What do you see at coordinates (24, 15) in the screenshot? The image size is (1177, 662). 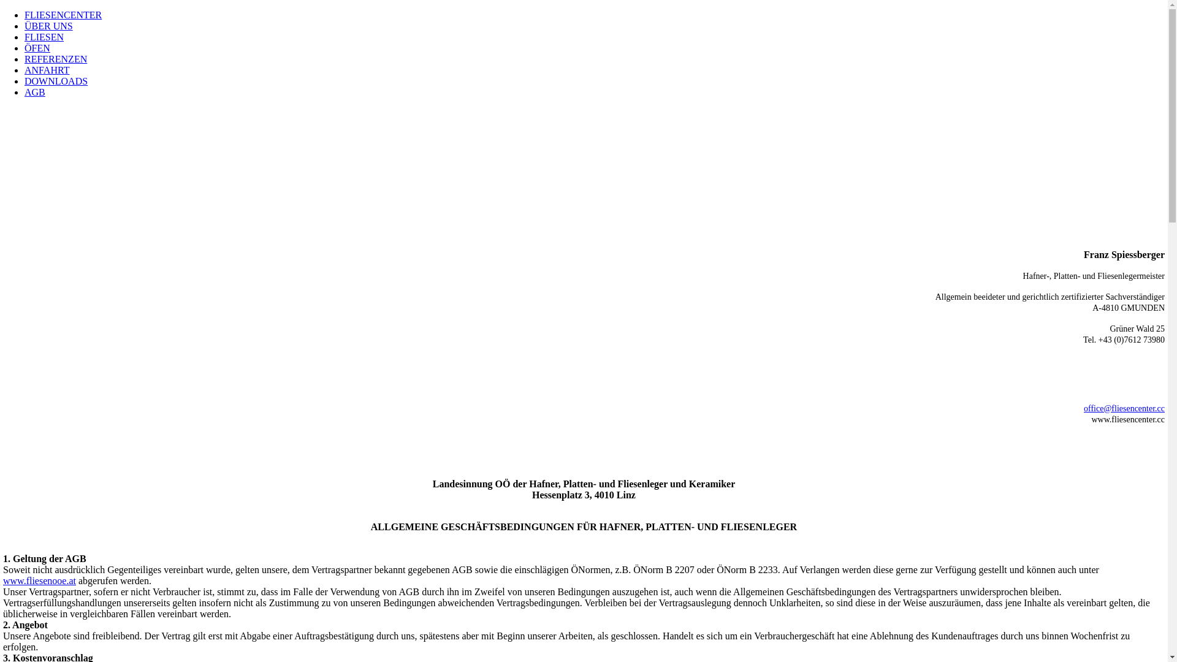 I see `'FLIESENCENTER'` at bounding box center [24, 15].